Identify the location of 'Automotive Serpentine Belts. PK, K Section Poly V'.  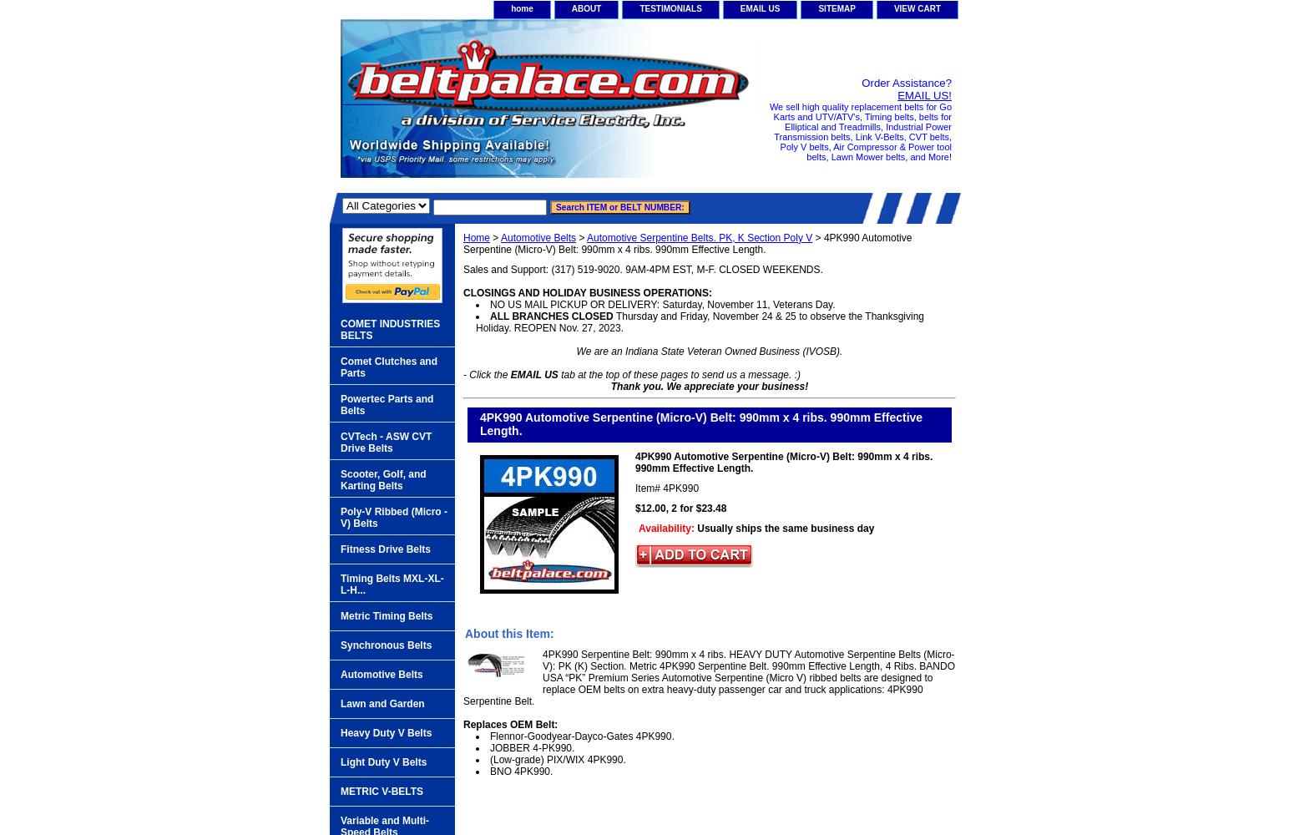
(698, 237).